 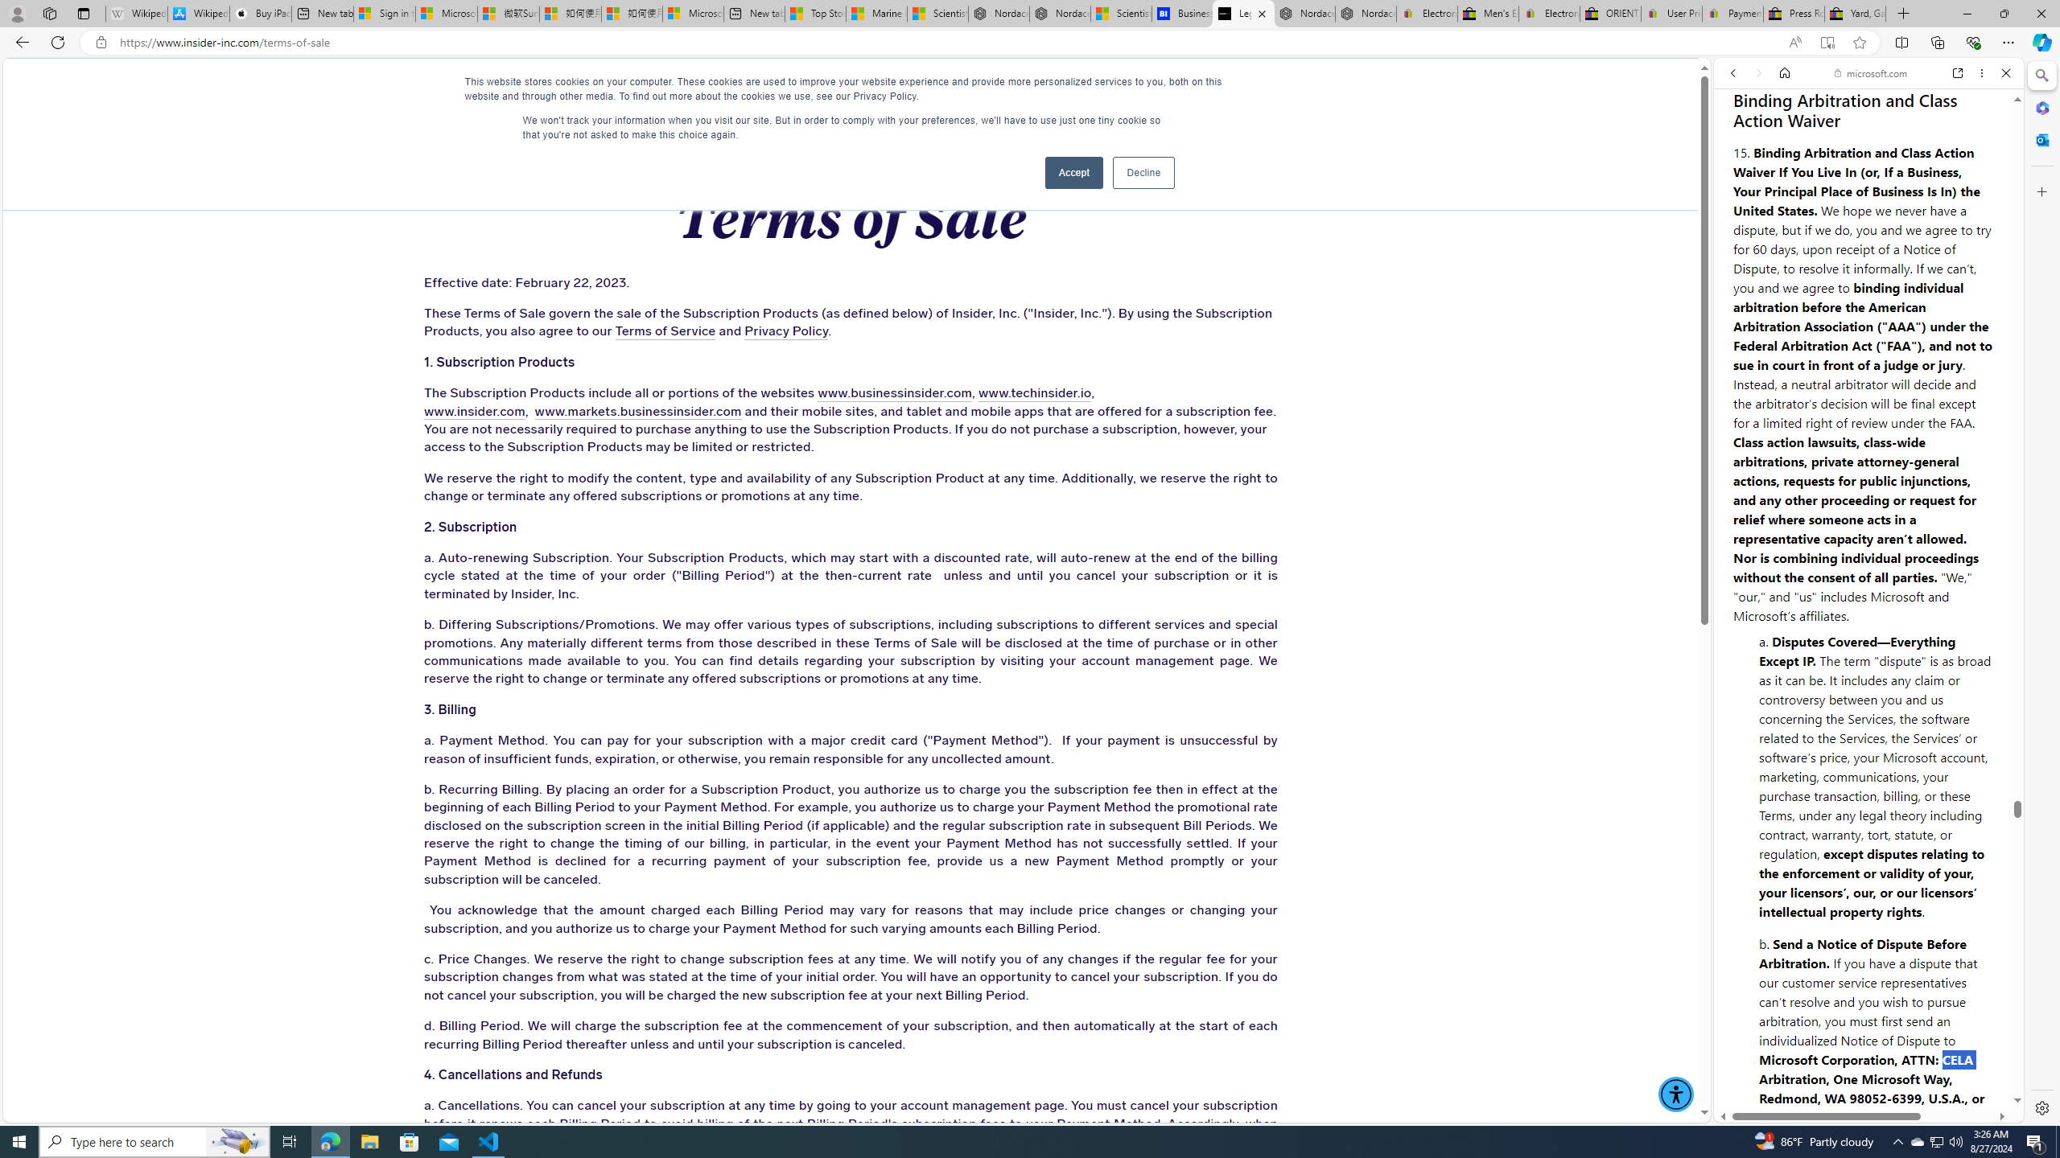 What do you see at coordinates (1782, 145) in the screenshot?
I see `'This site scope'` at bounding box center [1782, 145].